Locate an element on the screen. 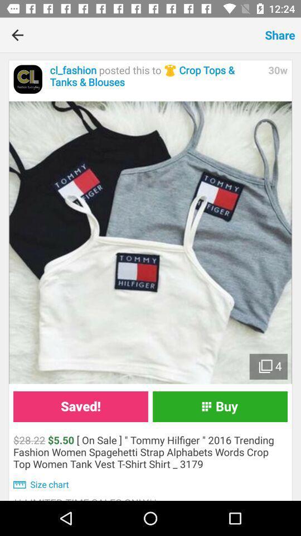 The height and width of the screenshot is (536, 301). item next to the 30w is located at coordinates (156, 76).